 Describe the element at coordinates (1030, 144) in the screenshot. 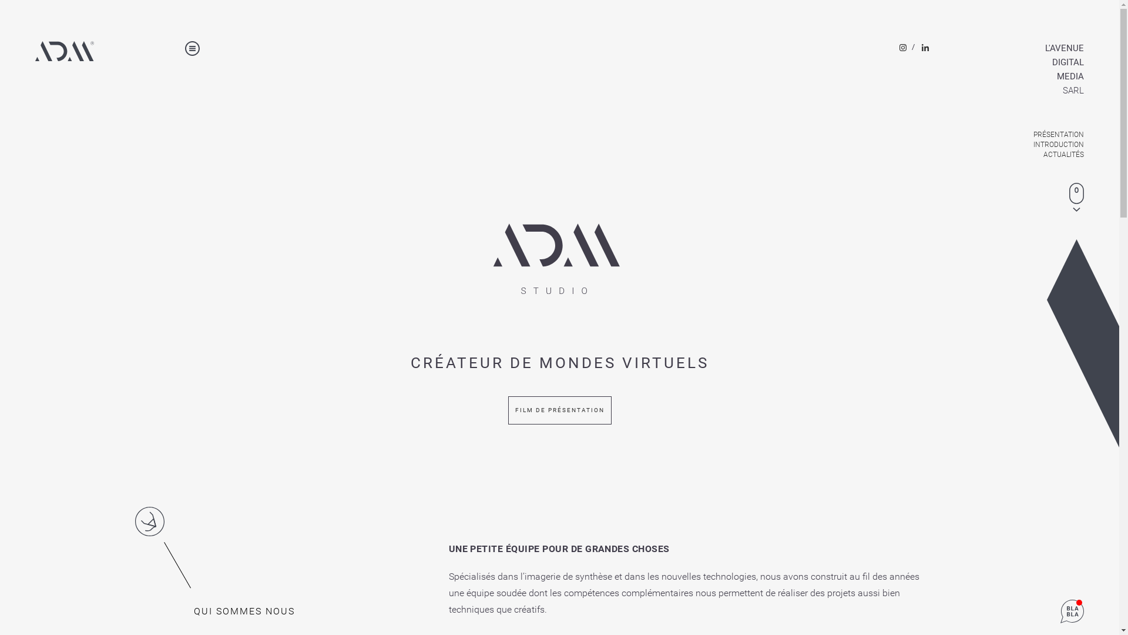

I see `'INTRODUCTION'` at that location.